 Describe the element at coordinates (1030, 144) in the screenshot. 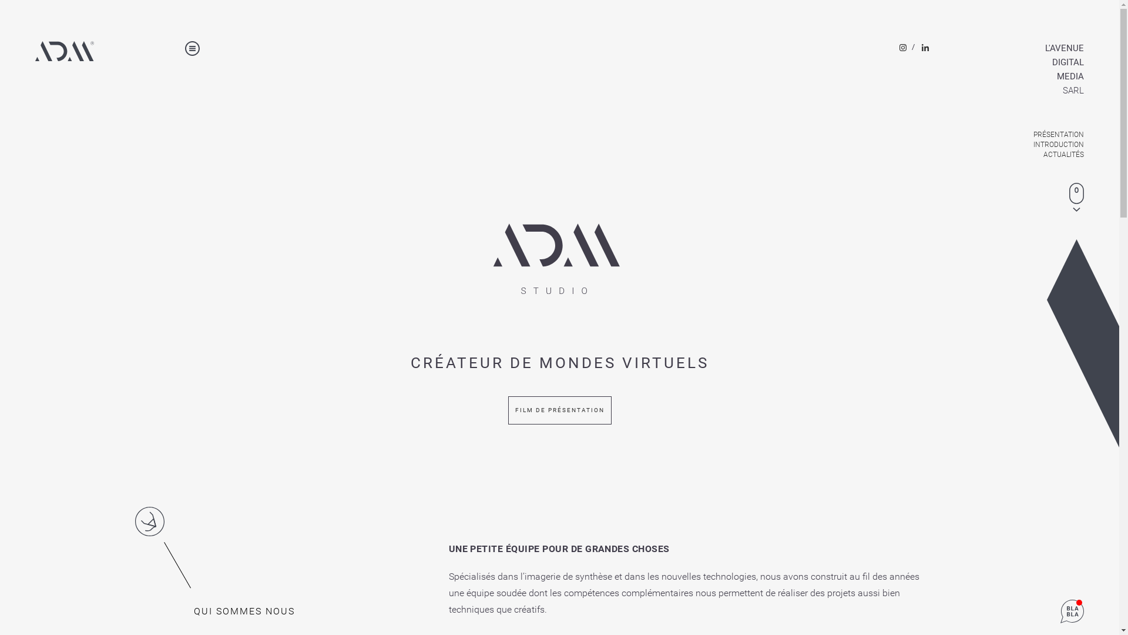

I see `'INTRODUCTION'` at that location.